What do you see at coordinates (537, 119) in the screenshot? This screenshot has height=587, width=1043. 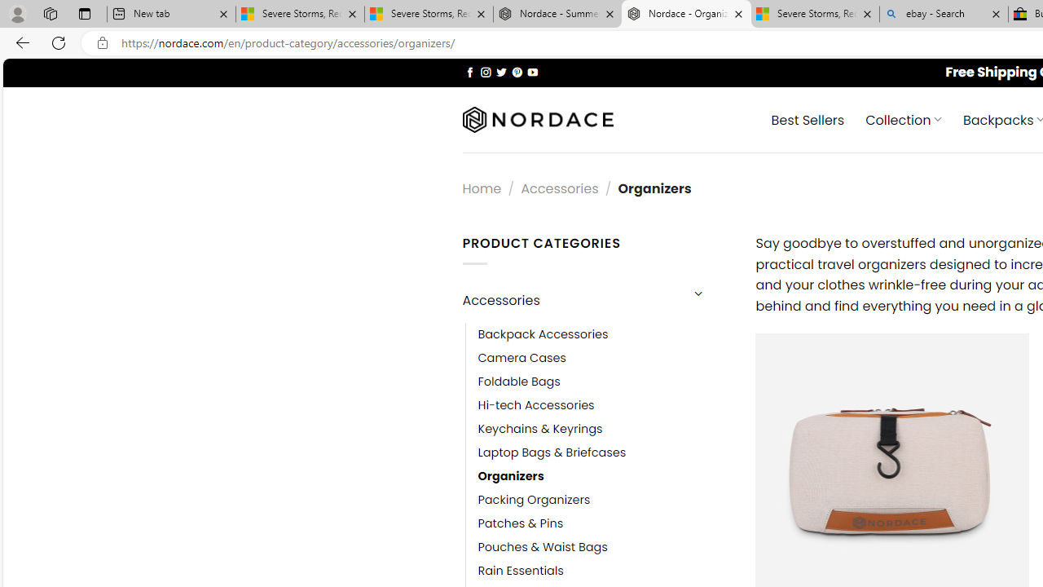 I see `'Nordace'` at bounding box center [537, 119].